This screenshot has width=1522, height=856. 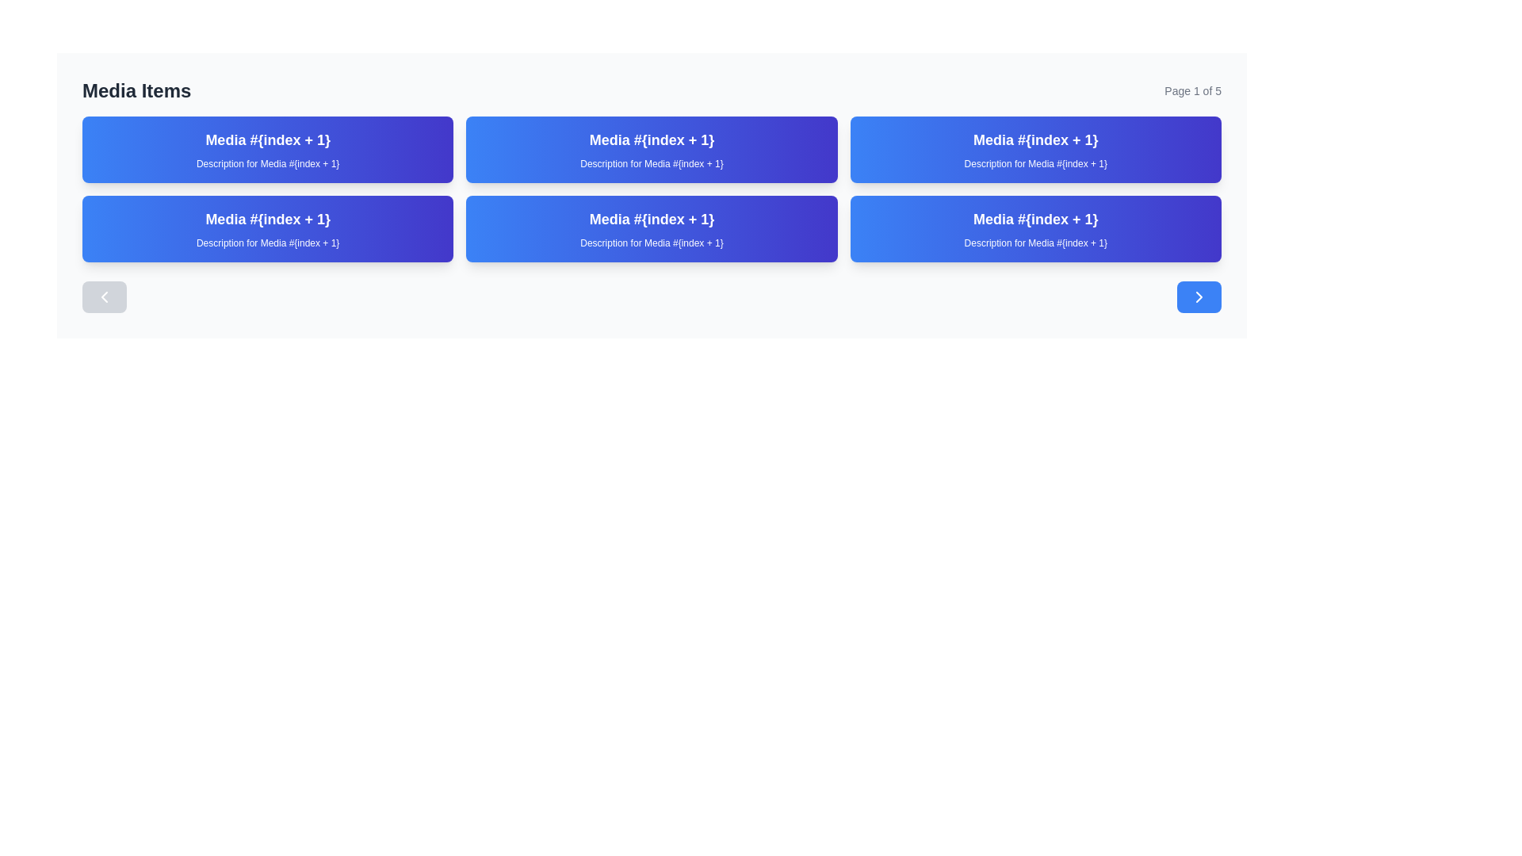 I want to click on the card component that presents media information, located in the first row and second column of a 3-column grid layout, so click(x=652, y=150).